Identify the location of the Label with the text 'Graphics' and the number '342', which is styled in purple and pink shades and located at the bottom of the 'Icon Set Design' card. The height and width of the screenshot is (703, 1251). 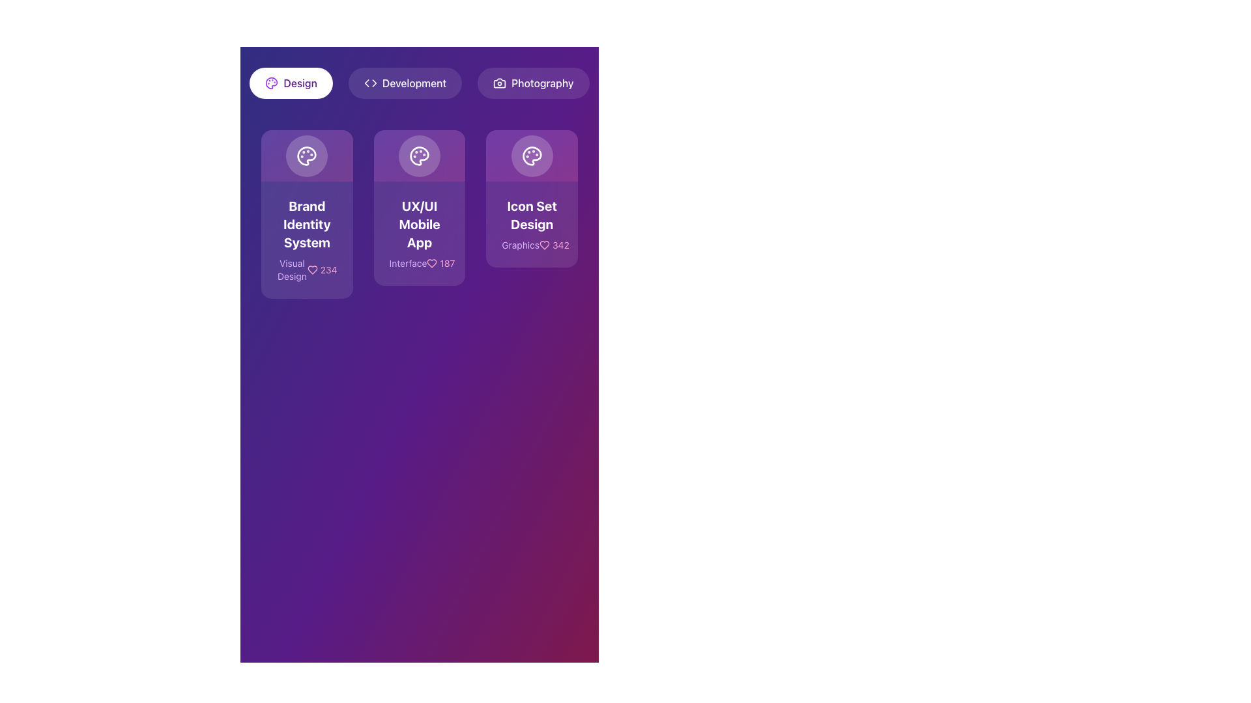
(532, 245).